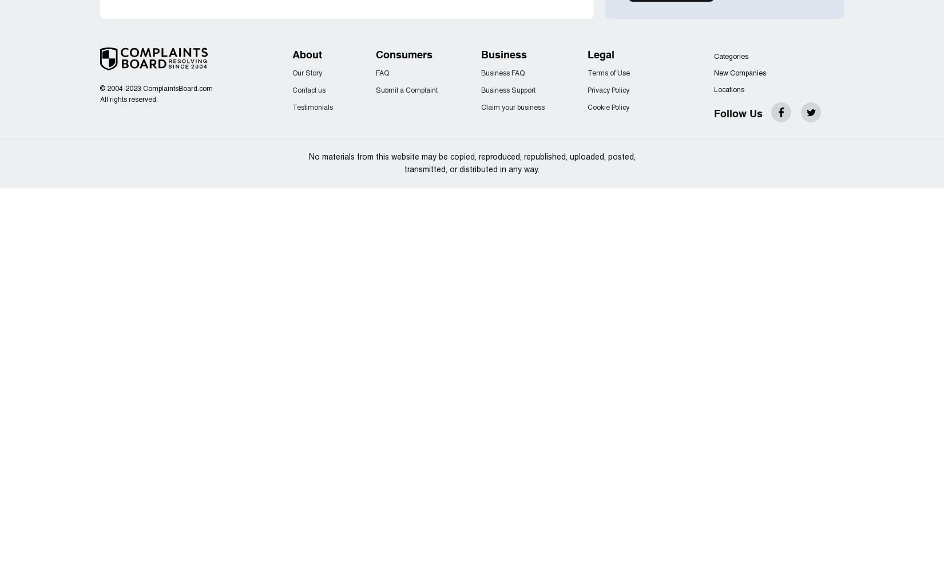  Describe the element at coordinates (308, 164) in the screenshot. I see `'No materials from this website may be copied, reproduced, republished, uploaded, posted, transmitted, or distributed in any way.'` at that location.